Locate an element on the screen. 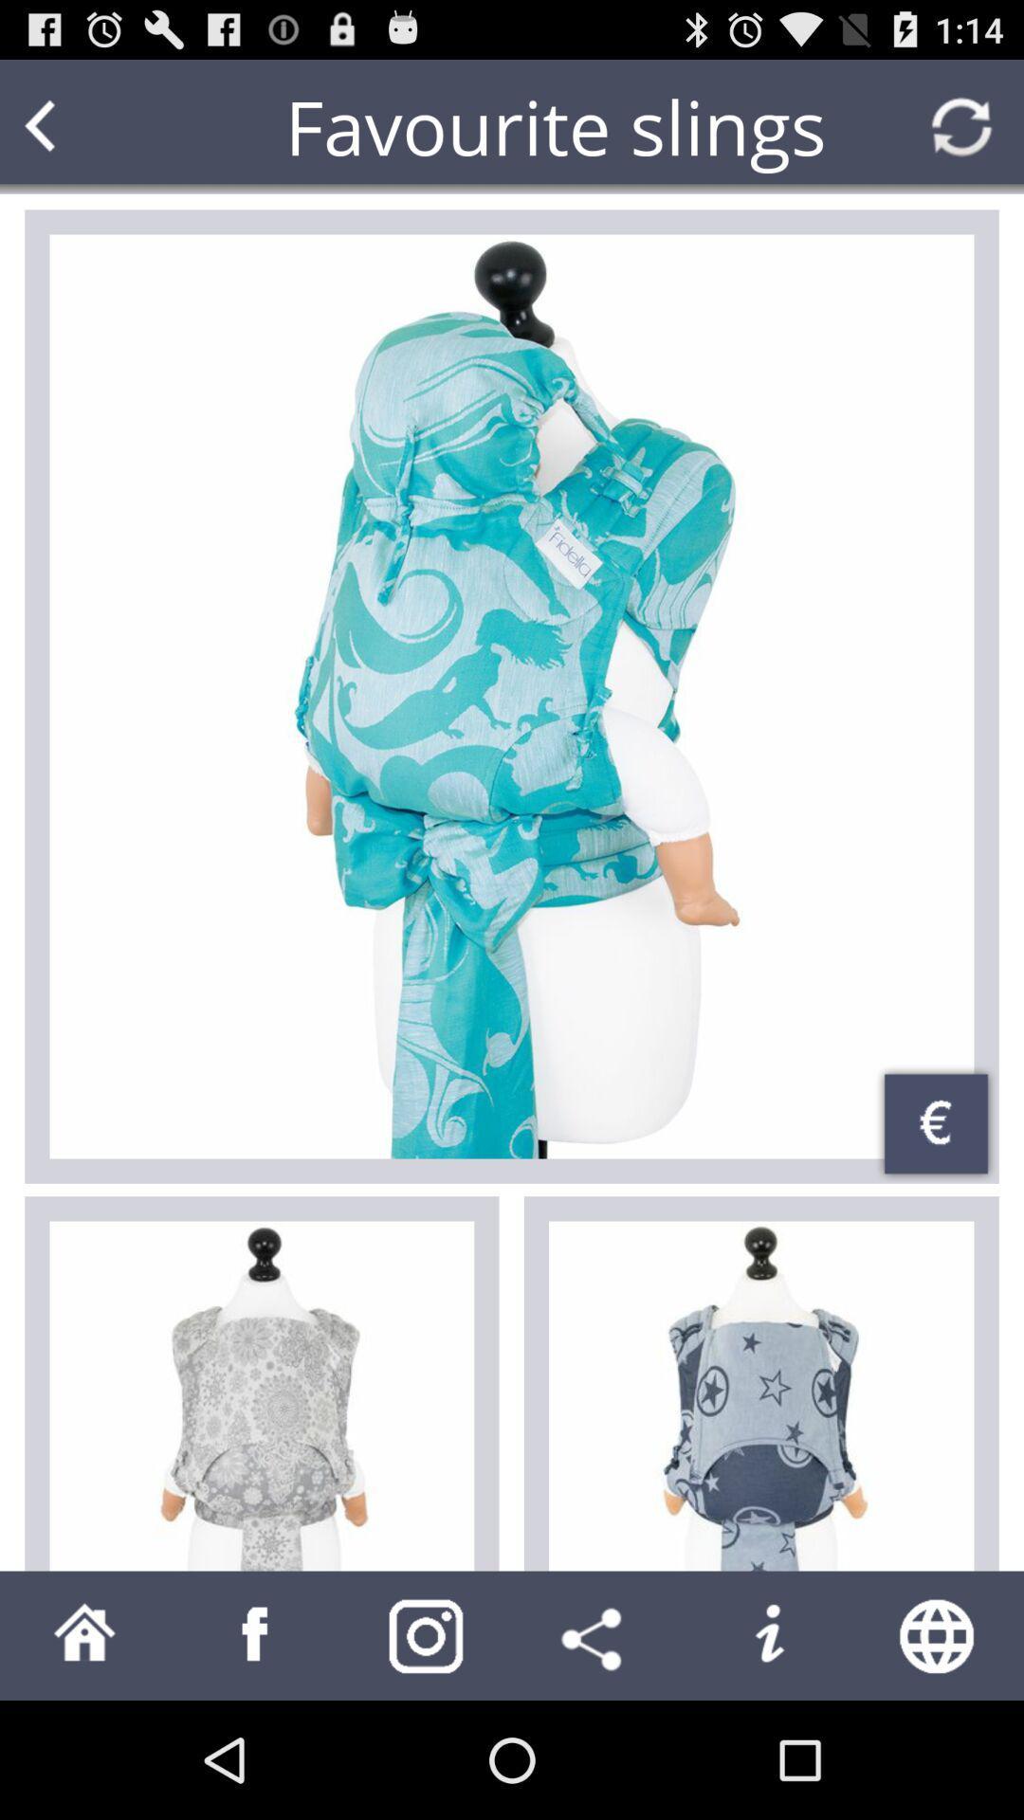  press for more details is located at coordinates (512, 695).